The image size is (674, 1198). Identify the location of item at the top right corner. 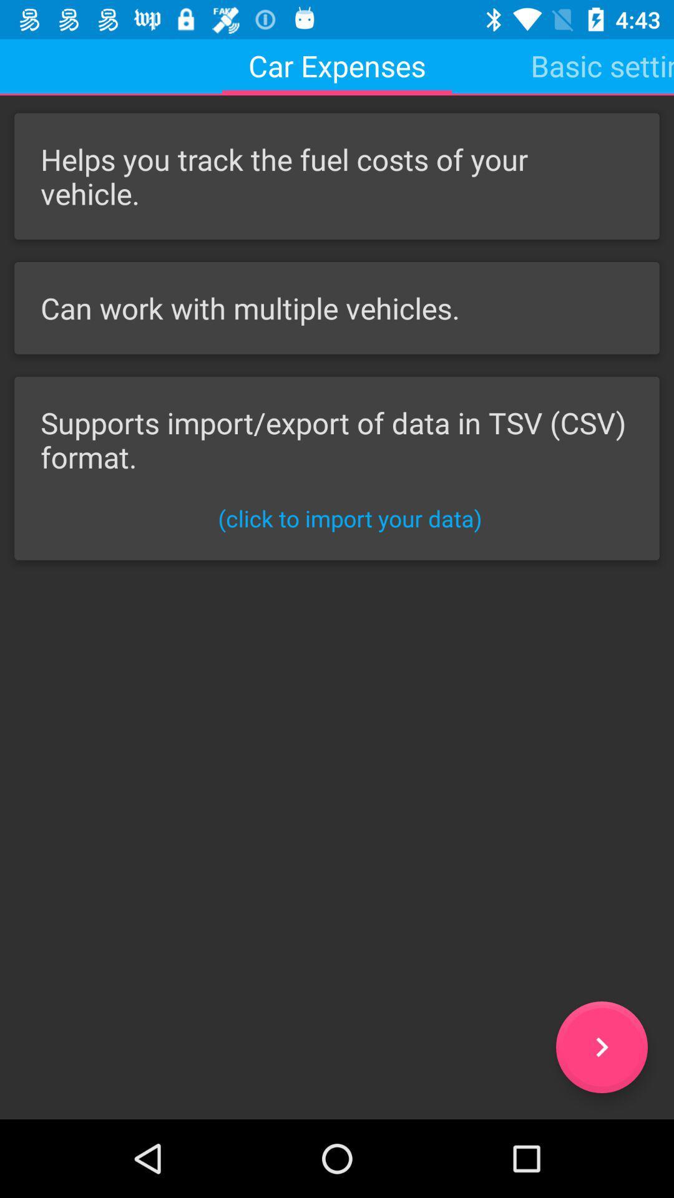
(602, 65).